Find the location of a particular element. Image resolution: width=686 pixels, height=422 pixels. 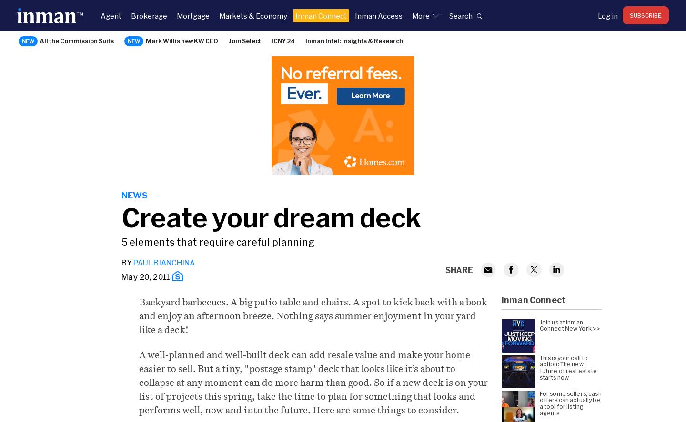

'Join Select' is located at coordinates (244, 40).